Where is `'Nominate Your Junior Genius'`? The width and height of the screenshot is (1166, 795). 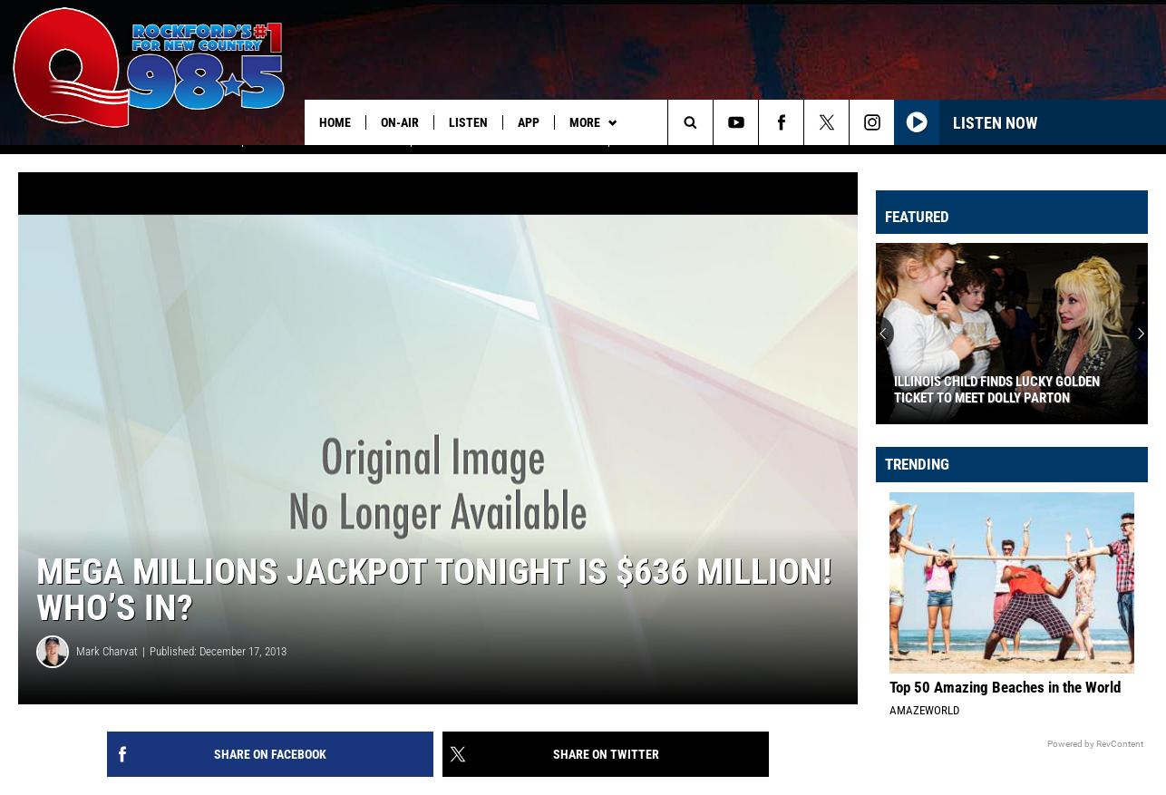
'Nominate Your Junior Genius' is located at coordinates (509, 160).